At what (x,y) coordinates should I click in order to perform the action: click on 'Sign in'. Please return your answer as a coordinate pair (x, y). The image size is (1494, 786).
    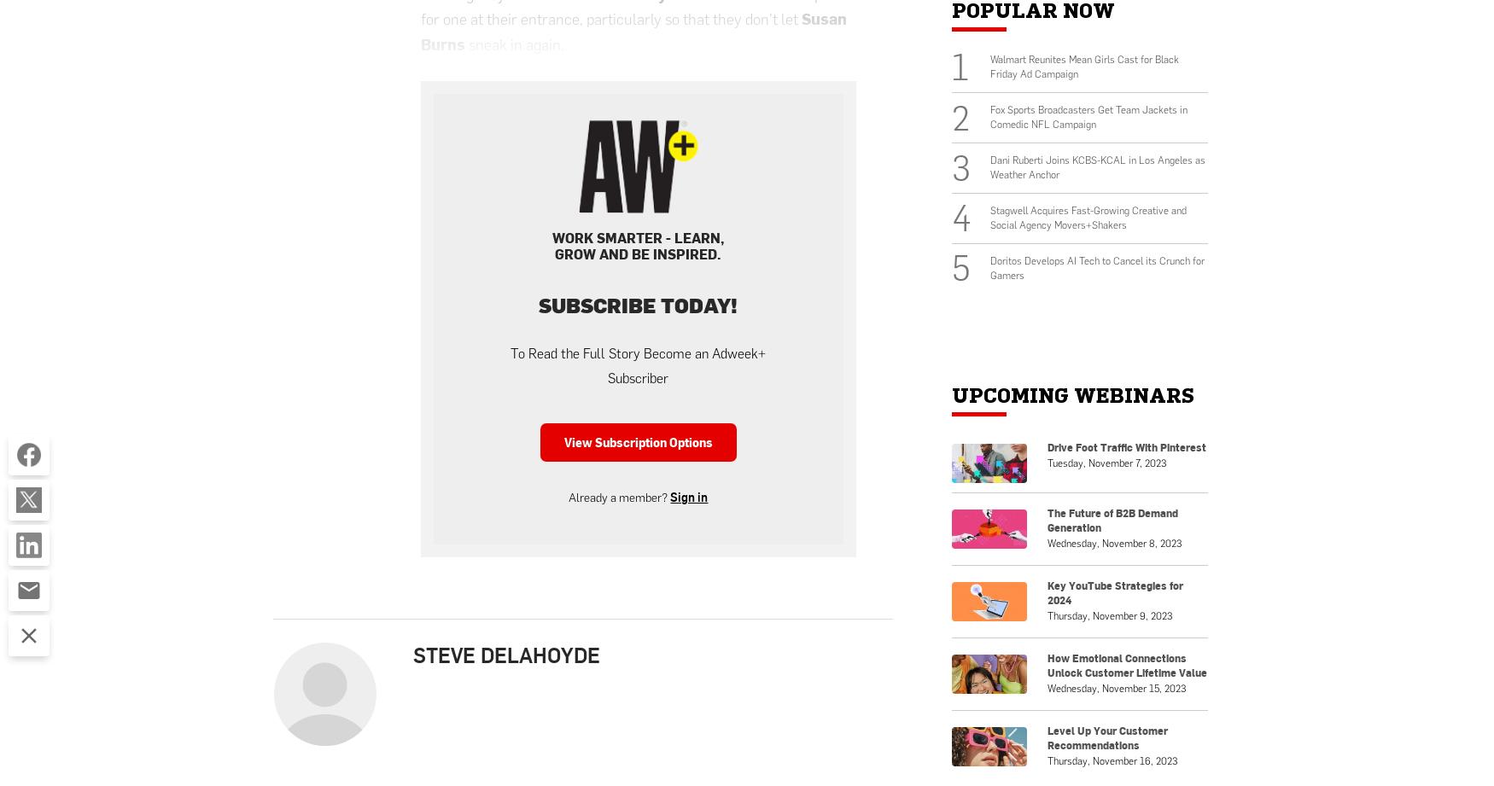
    Looking at the image, I should click on (687, 496).